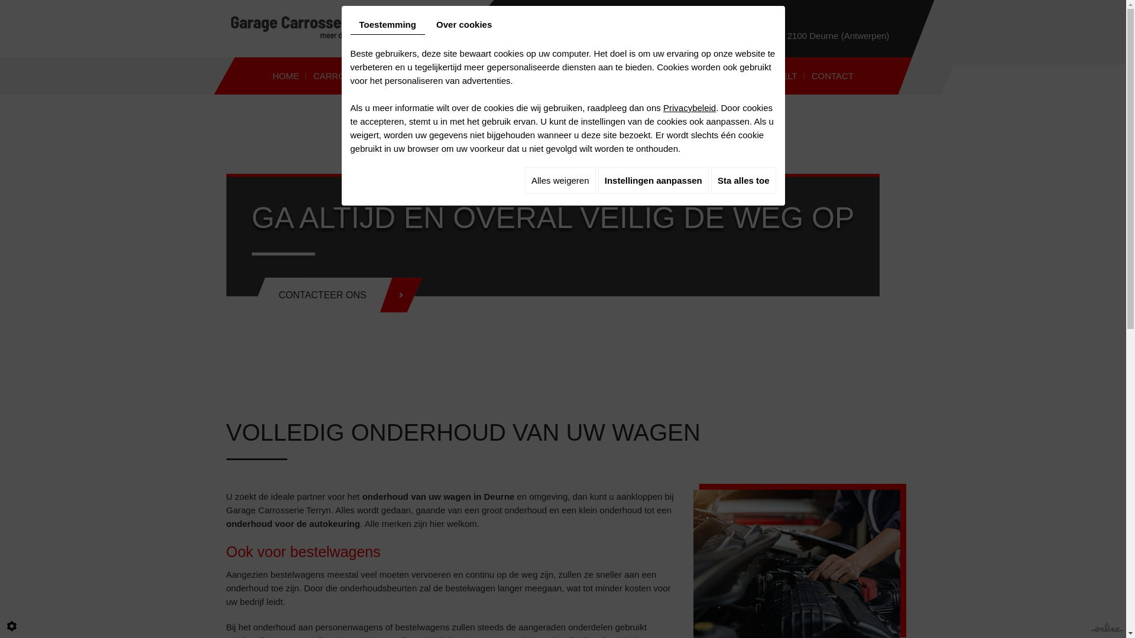 The width and height of the screenshot is (1135, 638). What do you see at coordinates (420, 76) in the screenshot?
I see `'ONDERHOUD'` at bounding box center [420, 76].